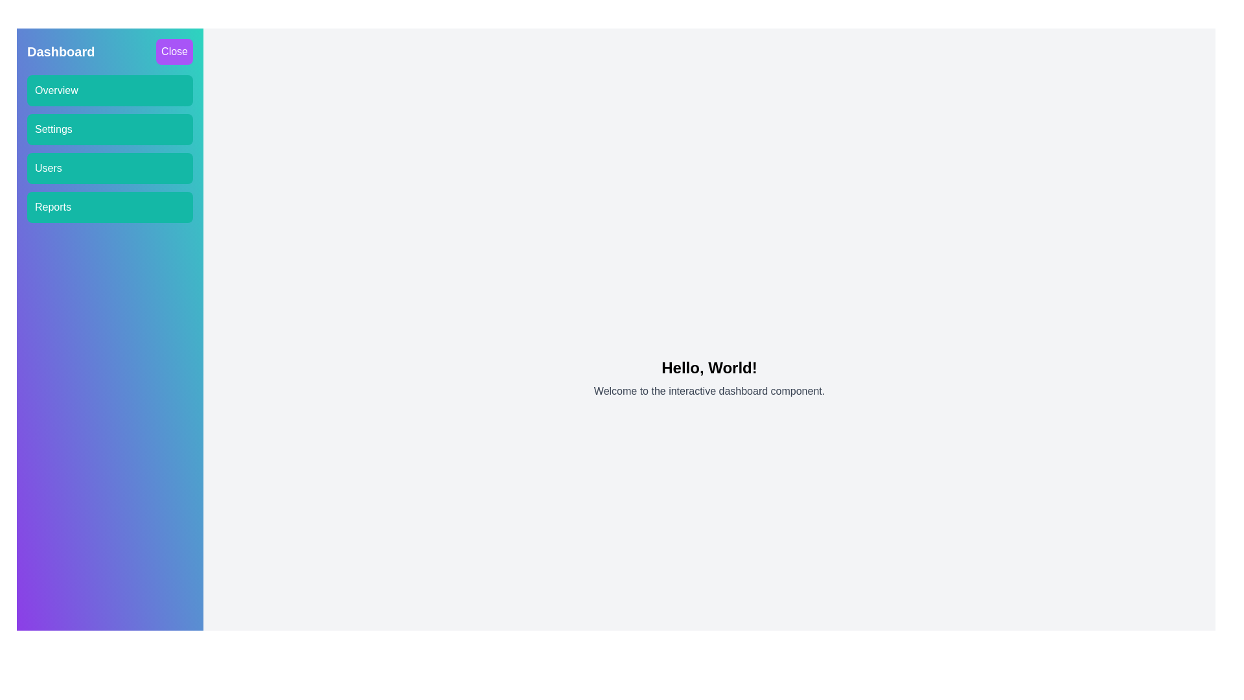 This screenshot has height=700, width=1244. Describe the element at coordinates (109, 167) in the screenshot. I see `the menu button labeled Users to navigate to the corresponding section` at that location.